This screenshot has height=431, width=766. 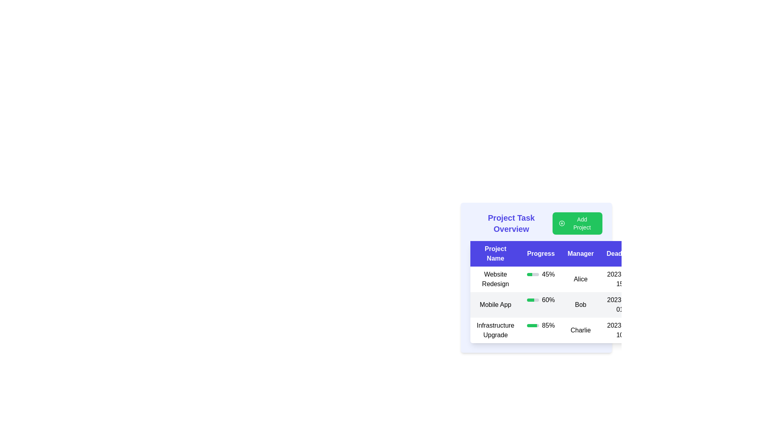 I want to click on the horizontal progress bar in the 'Progress' column of the table row labeled 'Mobile App', which has a grey background and a green section representing 60% progress, so click(x=533, y=300).